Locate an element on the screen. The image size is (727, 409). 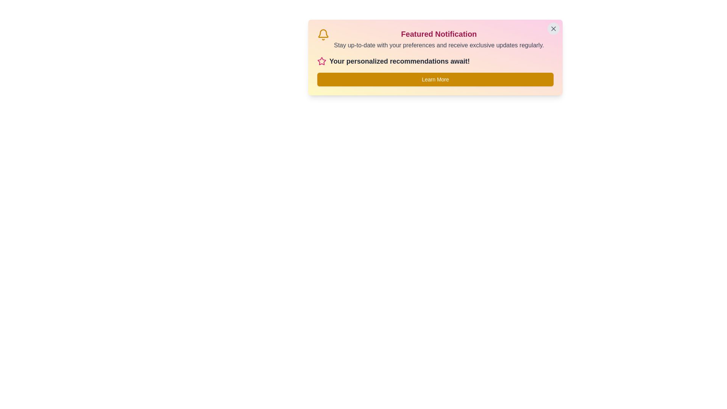
the close button to dismiss the notification is located at coordinates (554, 28).